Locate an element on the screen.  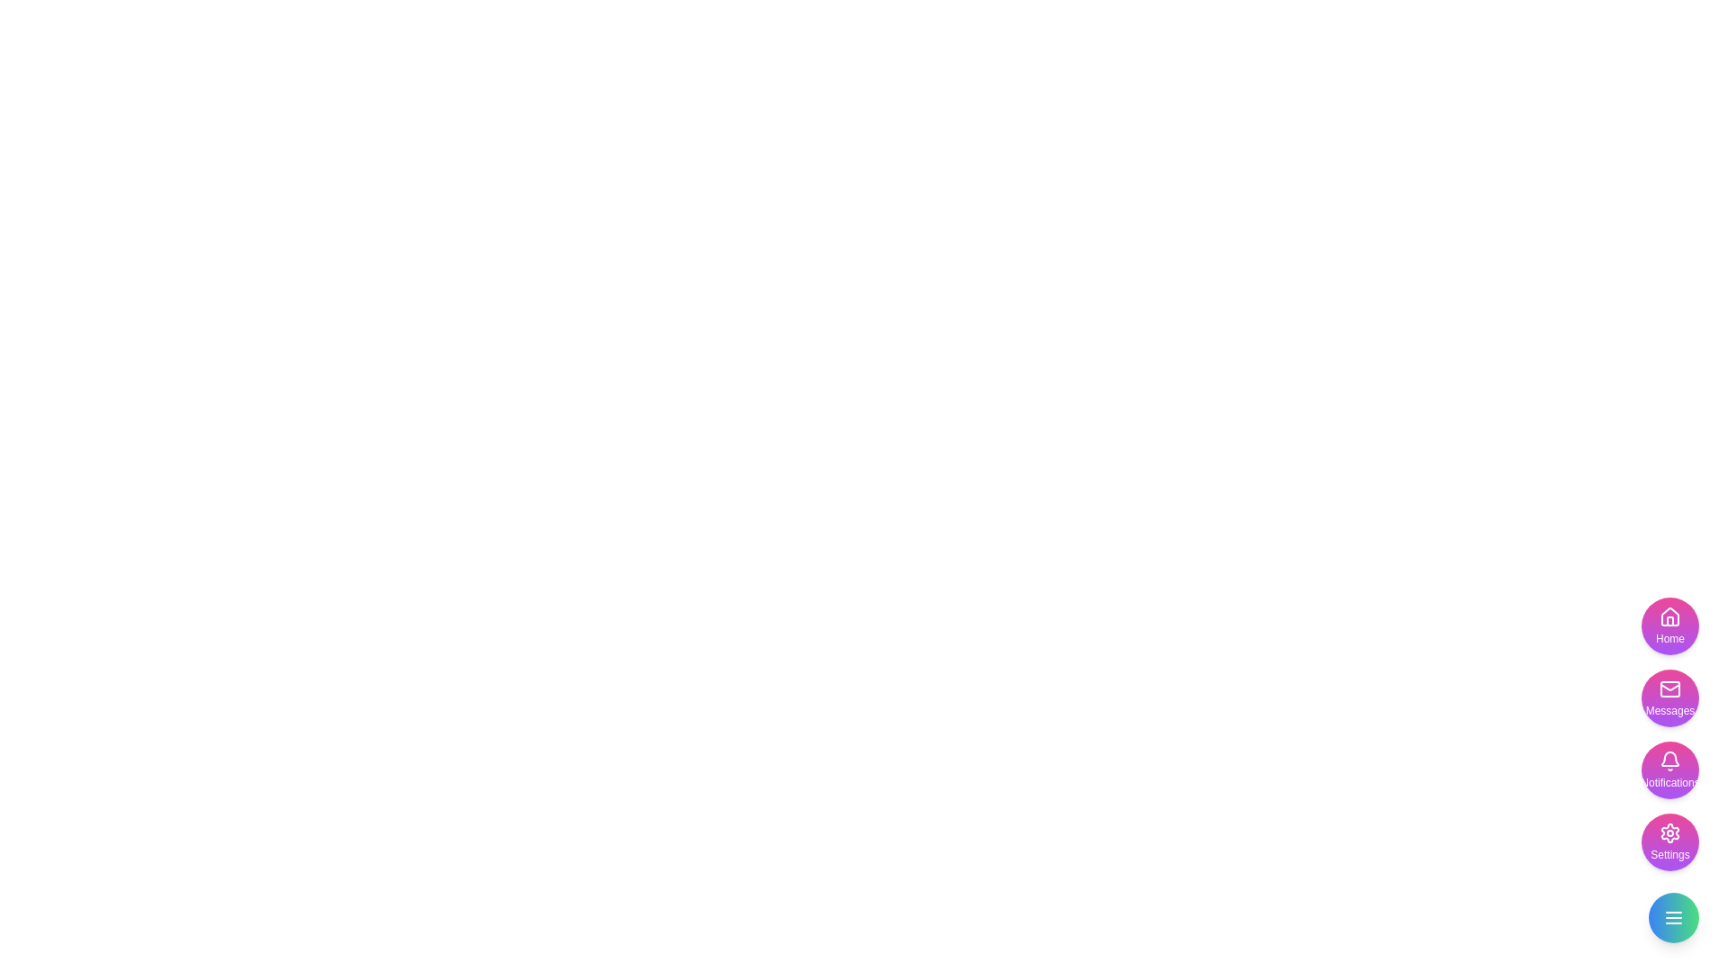
the envelope icon within the 'Messages' button, which is located in the second circular button of the vertical menu panel on the right side of the interface is located at coordinates (1669, 688).